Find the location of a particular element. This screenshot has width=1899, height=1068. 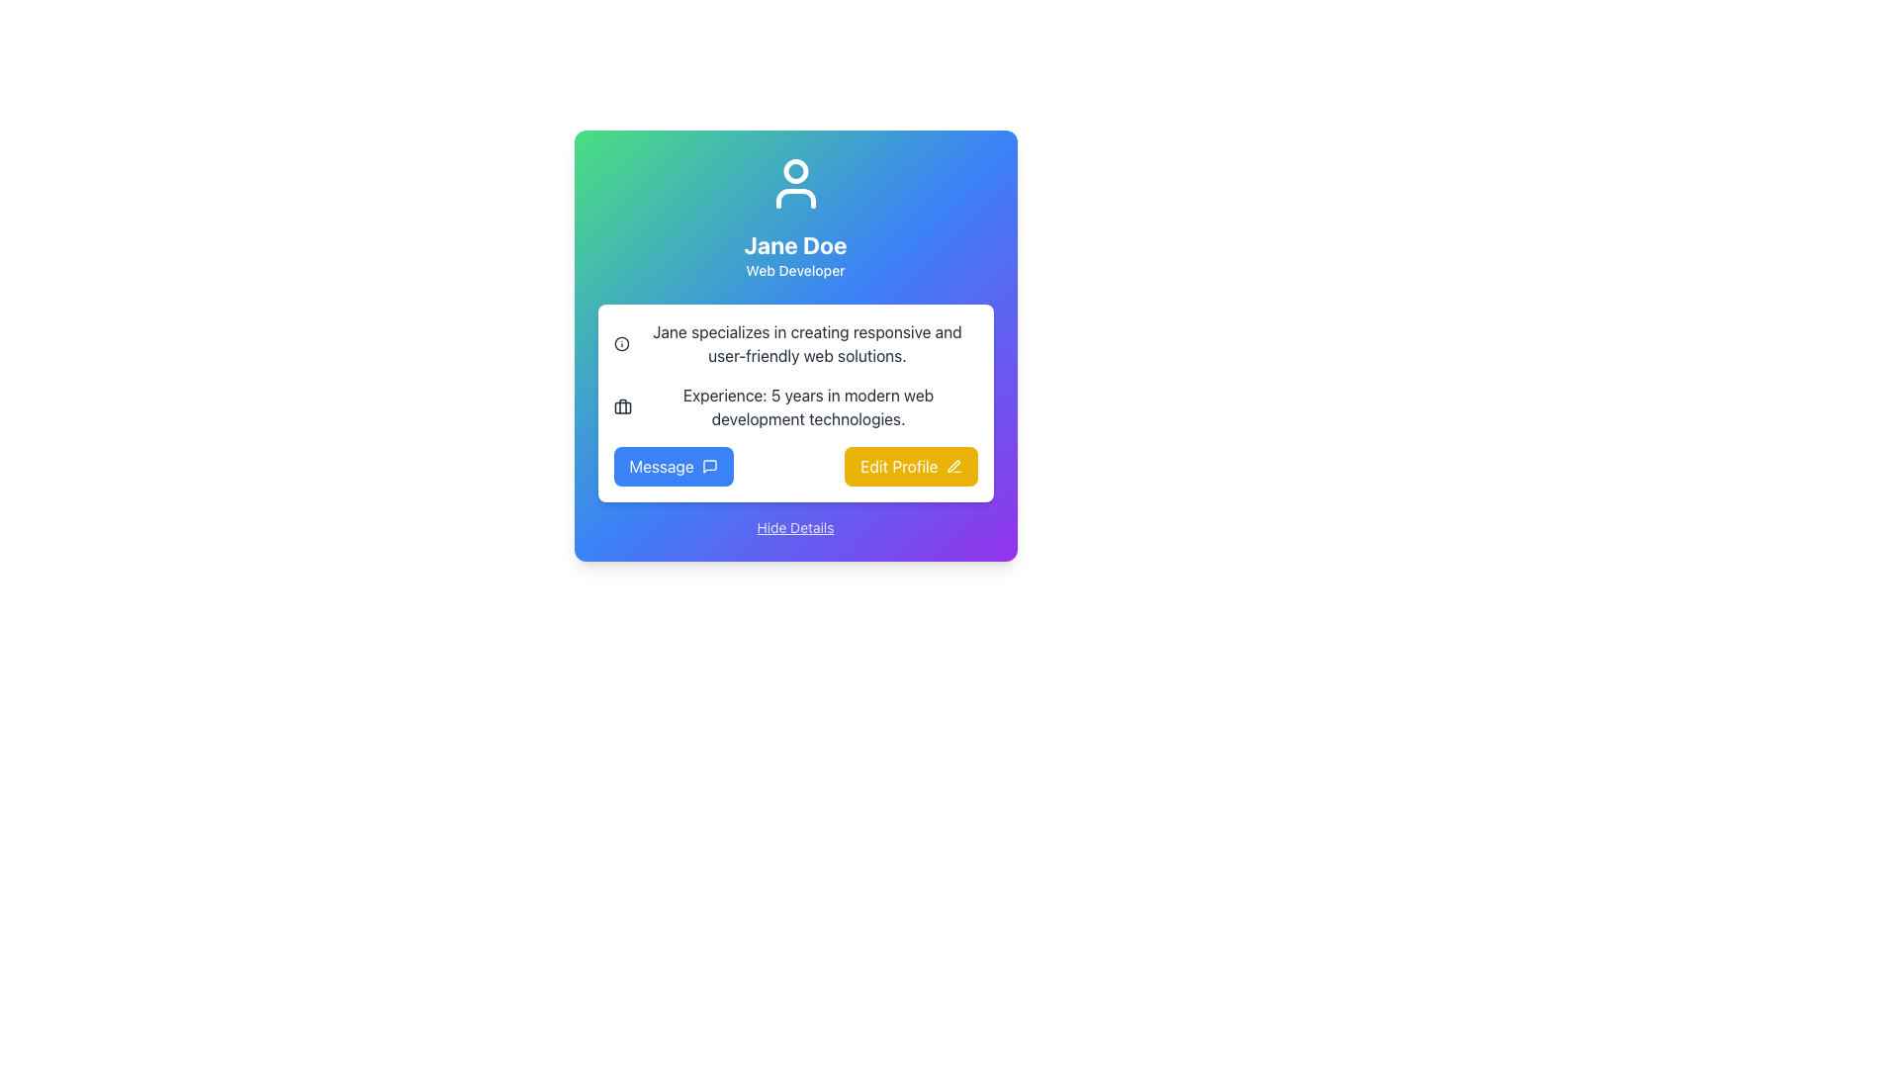

the 'Edit Profile' button, which is located to the right of the blue 'Message' button within the lower section of a user information card interface is located at coordinates (910, 466).